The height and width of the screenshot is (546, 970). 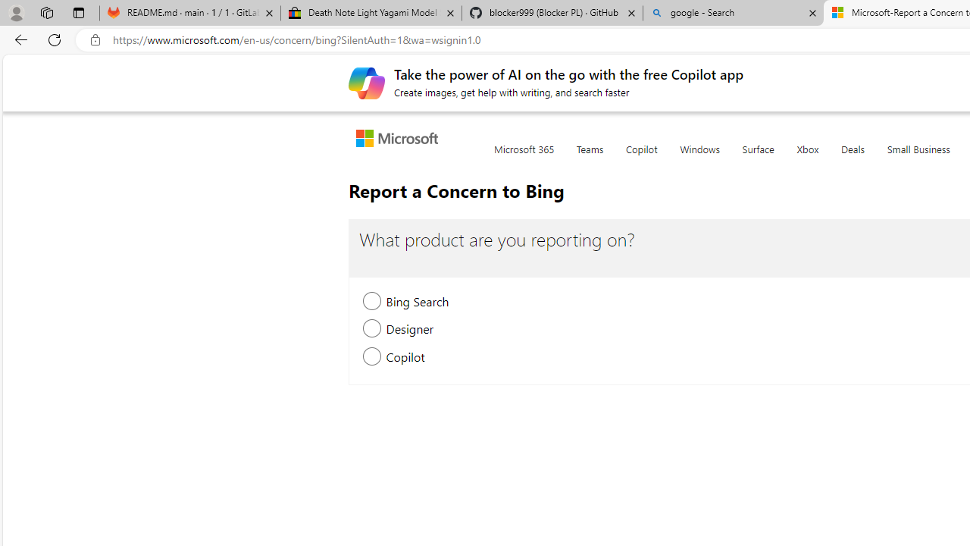 What do you see at coordinates (699, 158) in the screenshot?
I see `'Windows'` at bounding box center [699, 158].